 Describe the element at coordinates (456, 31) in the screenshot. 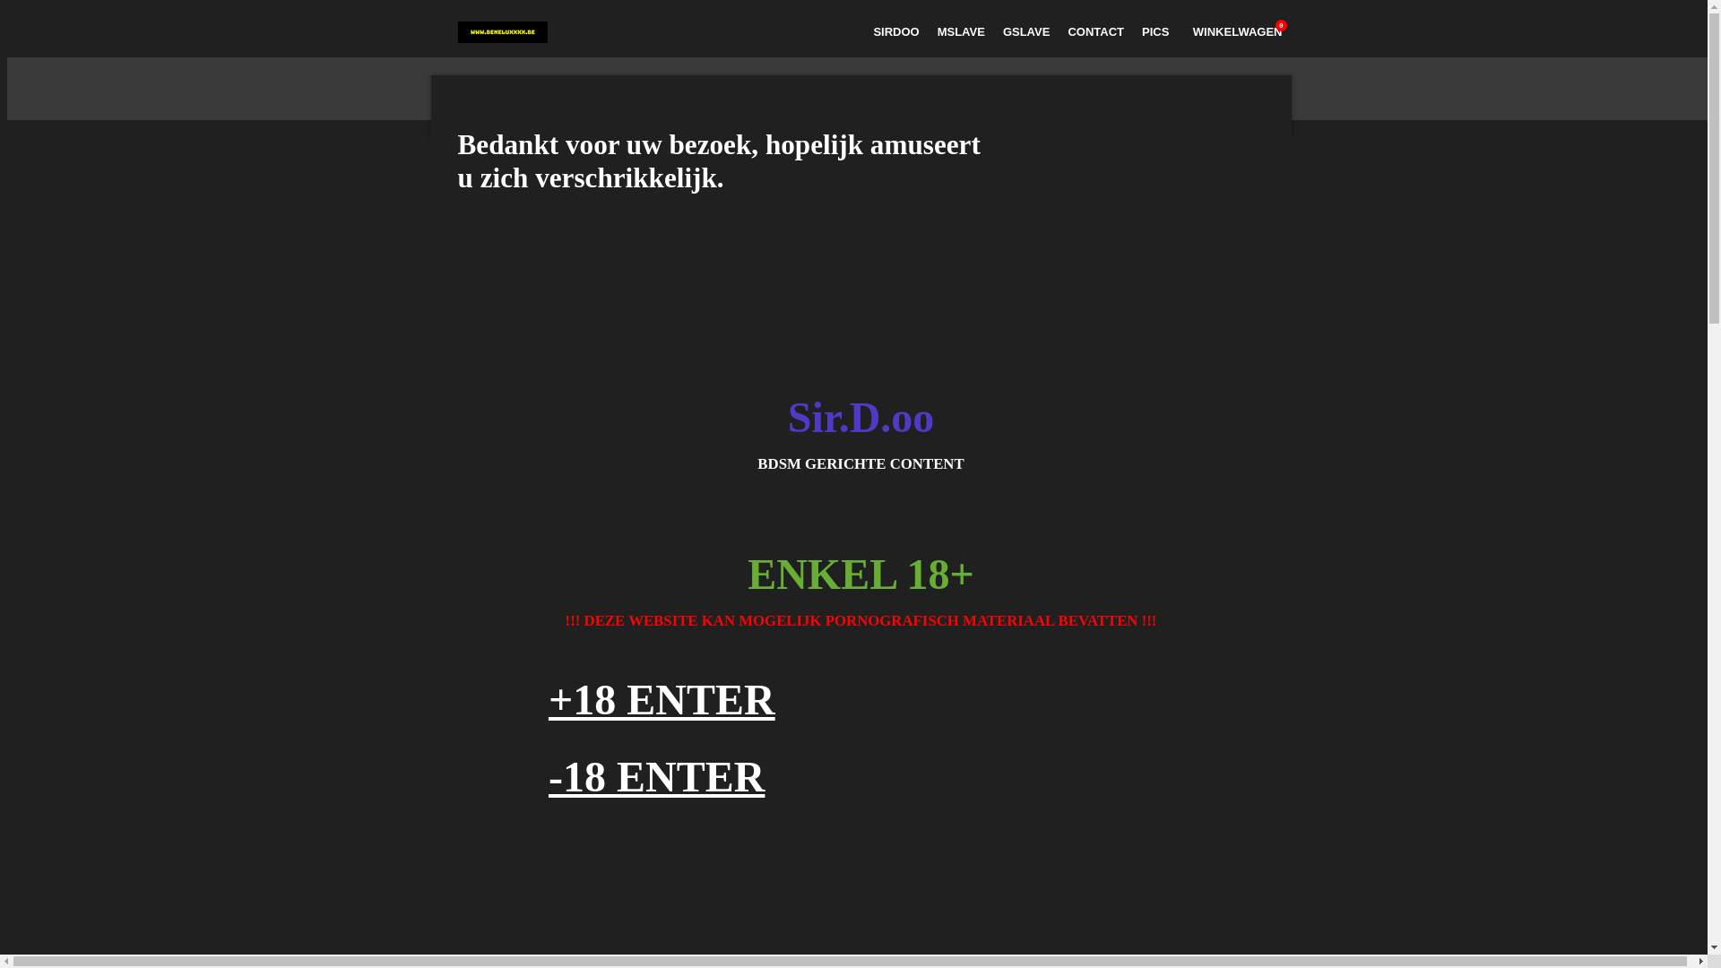

I see `'beneluxxxx'` at that location.